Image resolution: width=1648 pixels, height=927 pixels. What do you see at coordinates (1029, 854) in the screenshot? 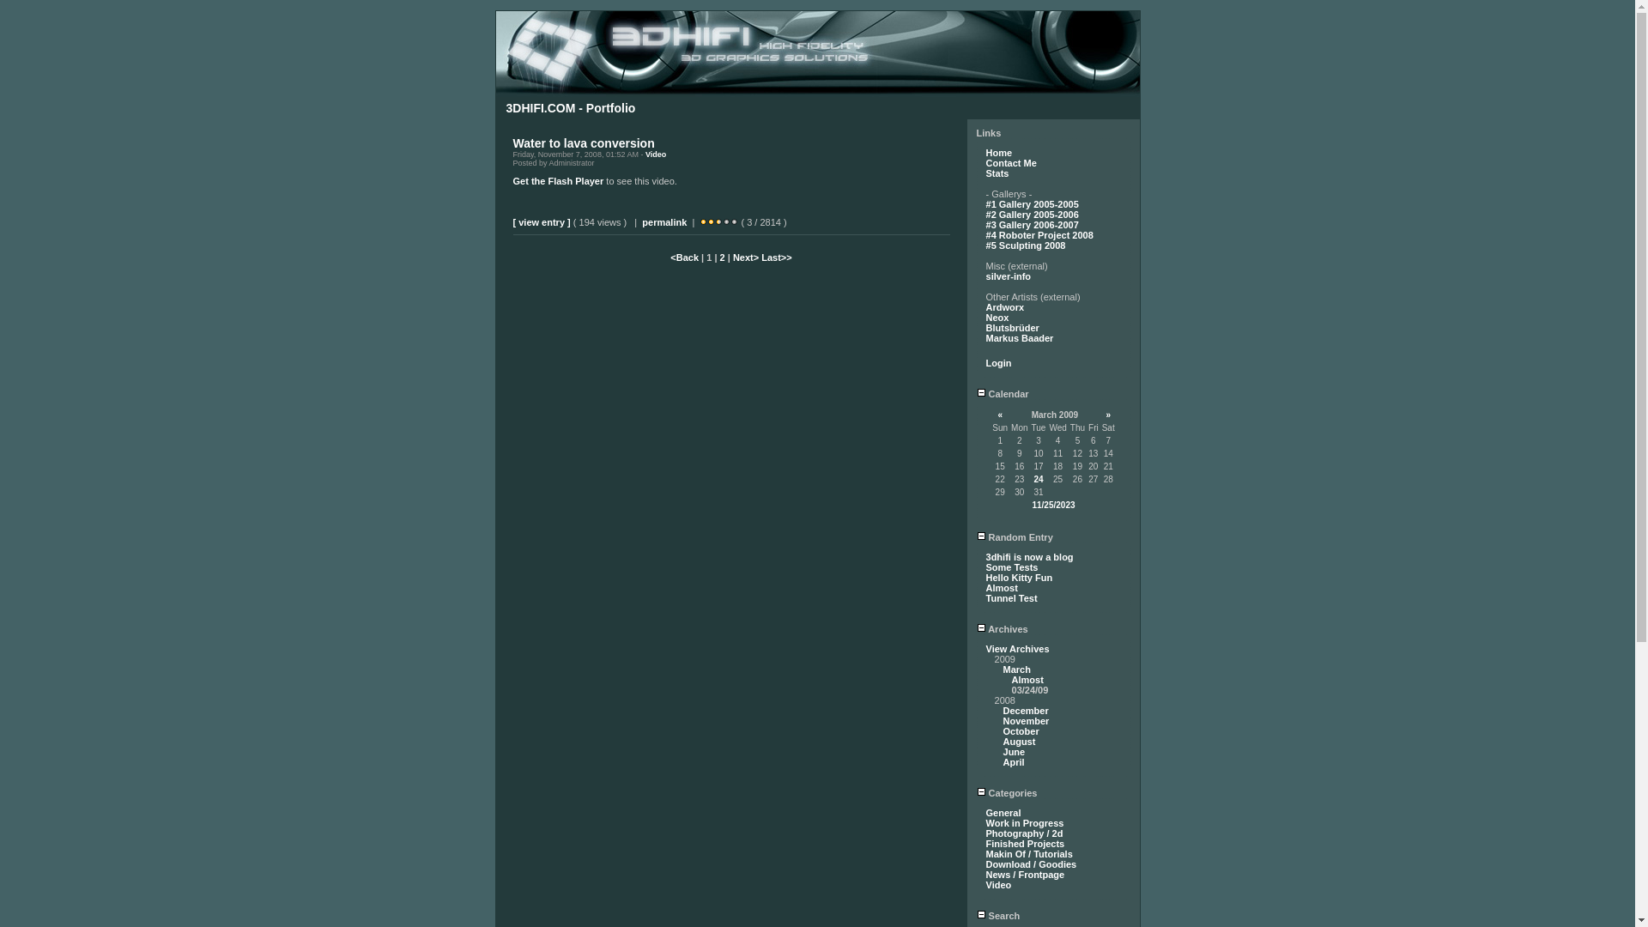
I see `'Makin Of / Tutorials'` at bounding box center [1029, 854].